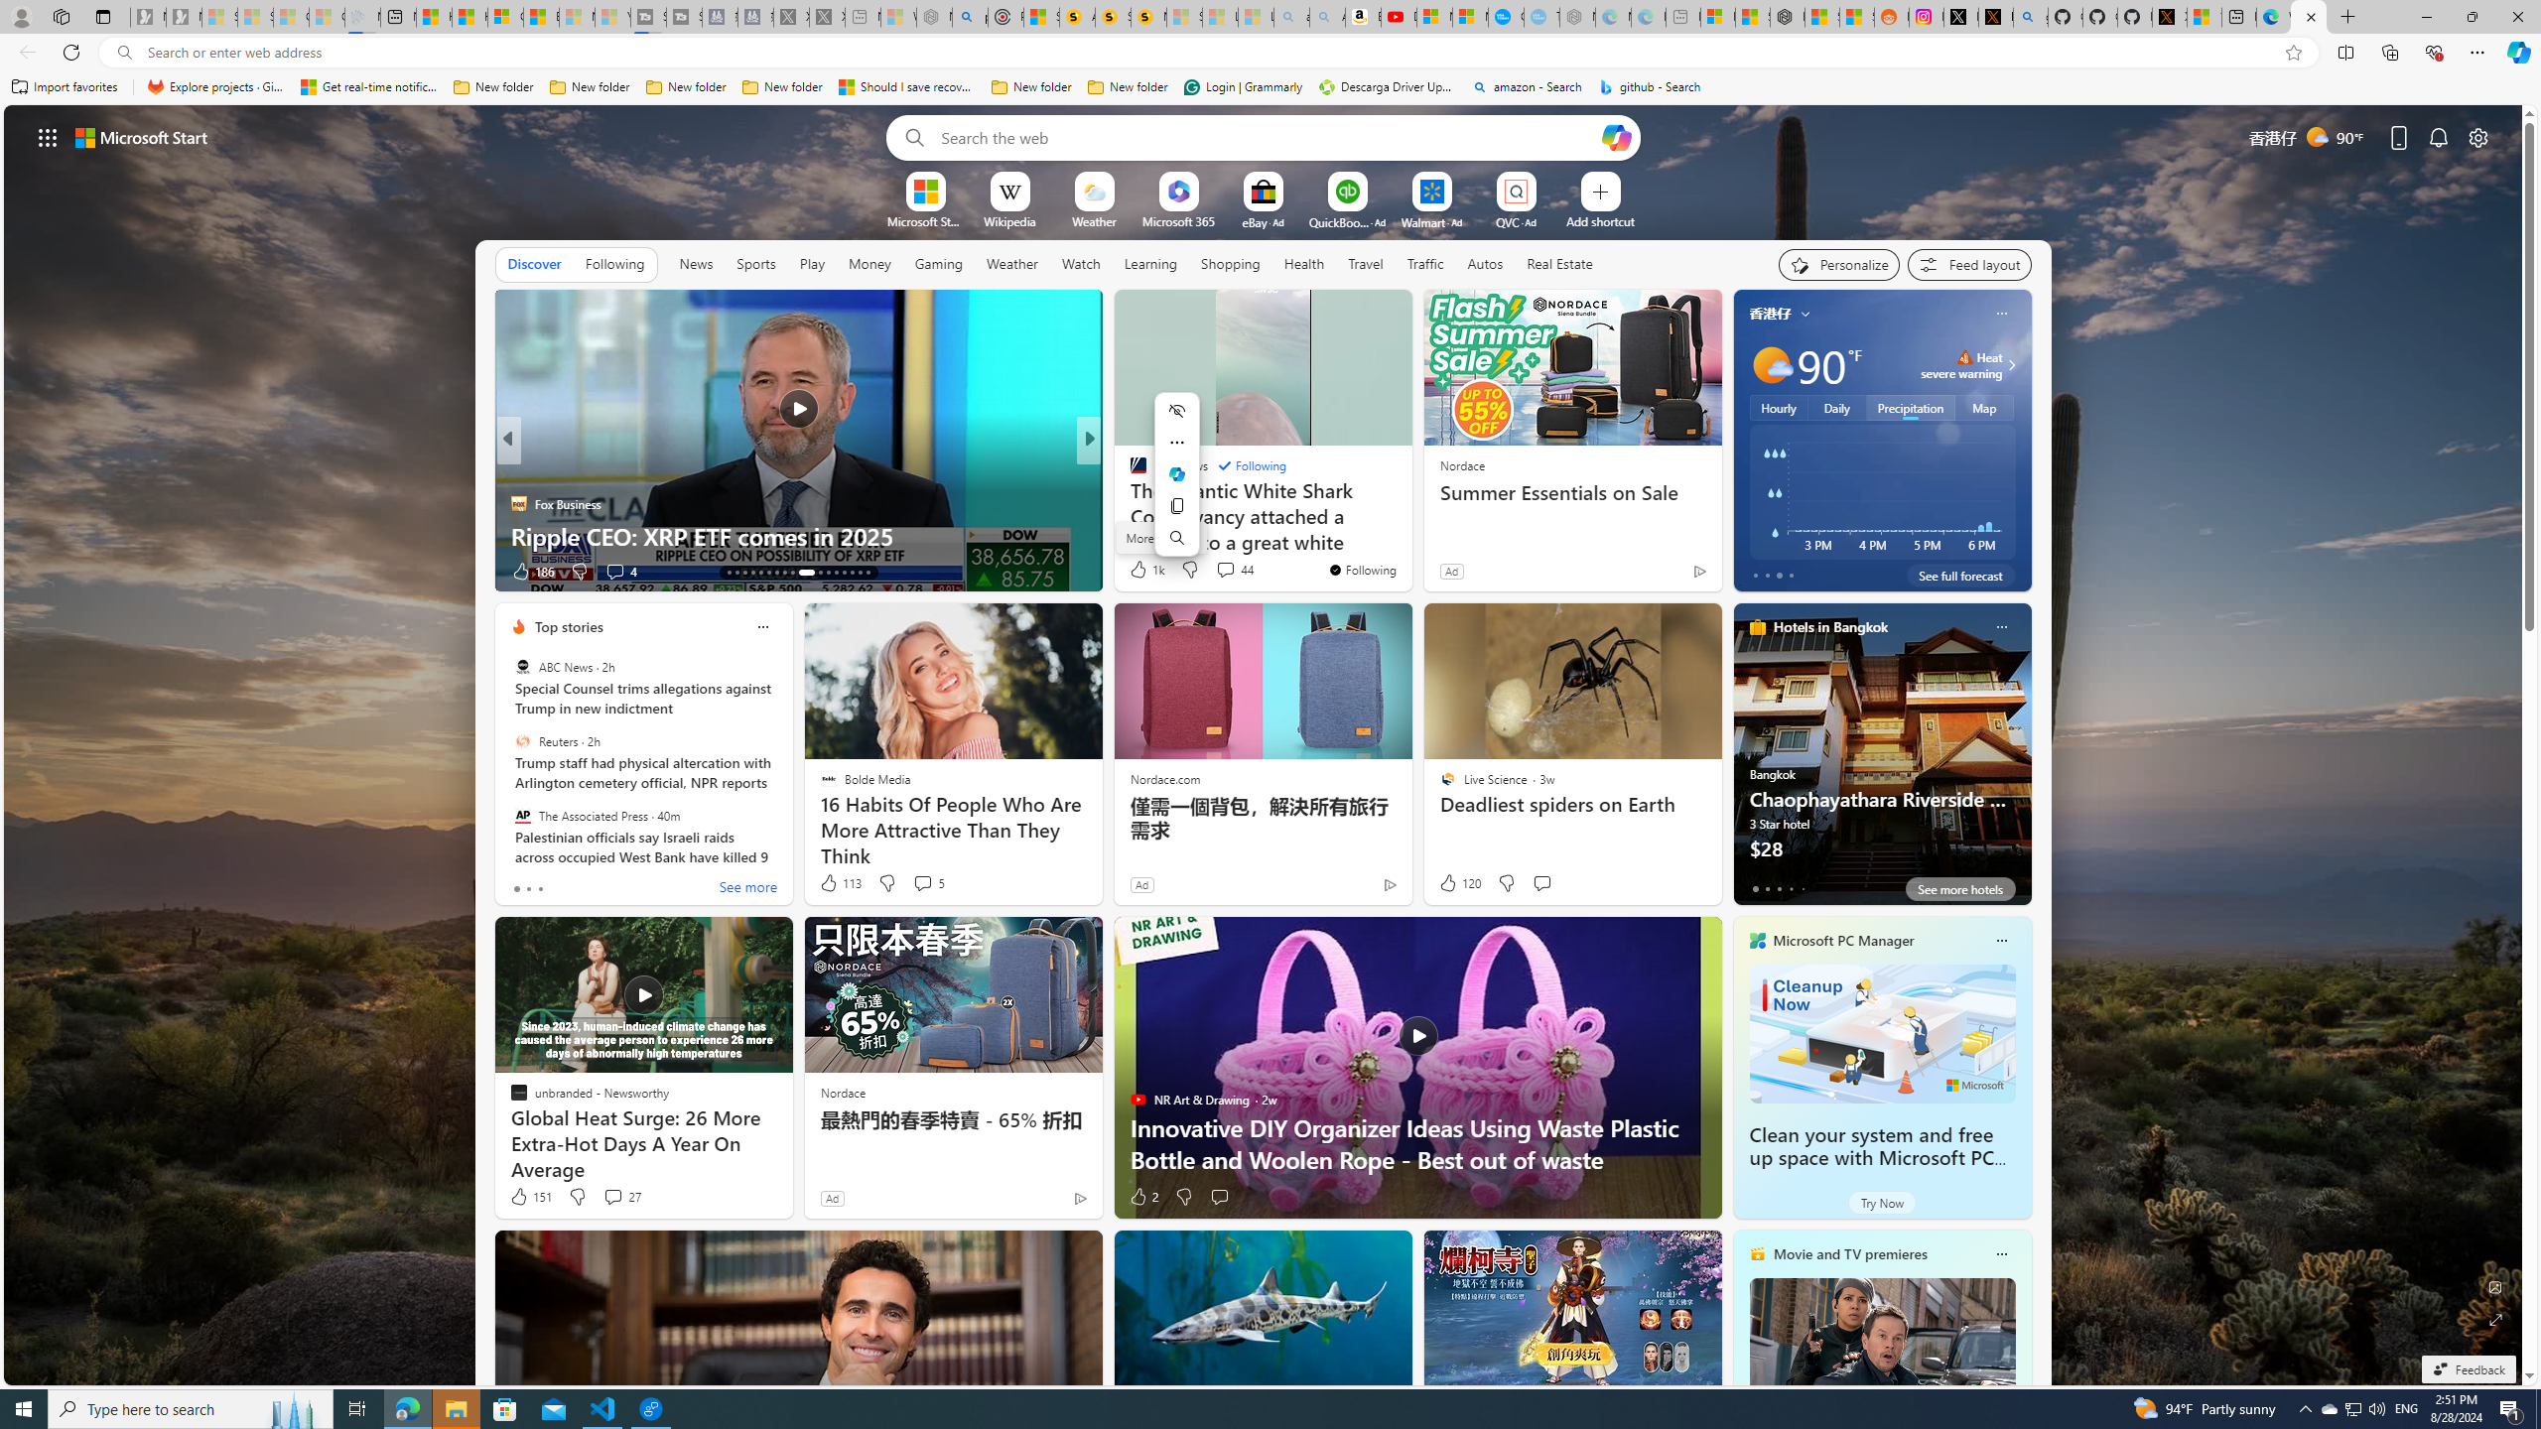  Describe the element at coordinates (1767, 888) in the screenshot. I see `'tab-1'` at that location.